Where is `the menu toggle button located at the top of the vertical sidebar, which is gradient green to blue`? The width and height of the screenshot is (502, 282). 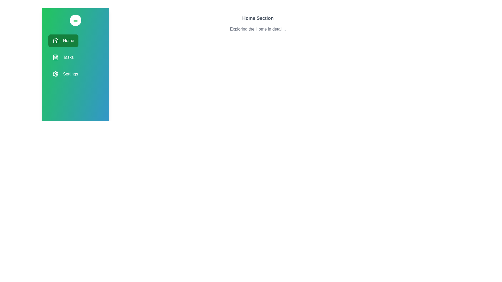
the menu toggle button located at the top of the vertical sidebar, which is gradient green to blue is located at coordinates (75, 20).